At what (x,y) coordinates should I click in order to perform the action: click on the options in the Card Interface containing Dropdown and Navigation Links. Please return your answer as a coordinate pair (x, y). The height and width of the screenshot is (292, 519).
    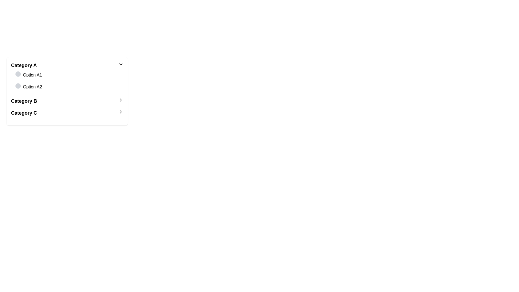
    Looking at the image, I should click on (67, 91).